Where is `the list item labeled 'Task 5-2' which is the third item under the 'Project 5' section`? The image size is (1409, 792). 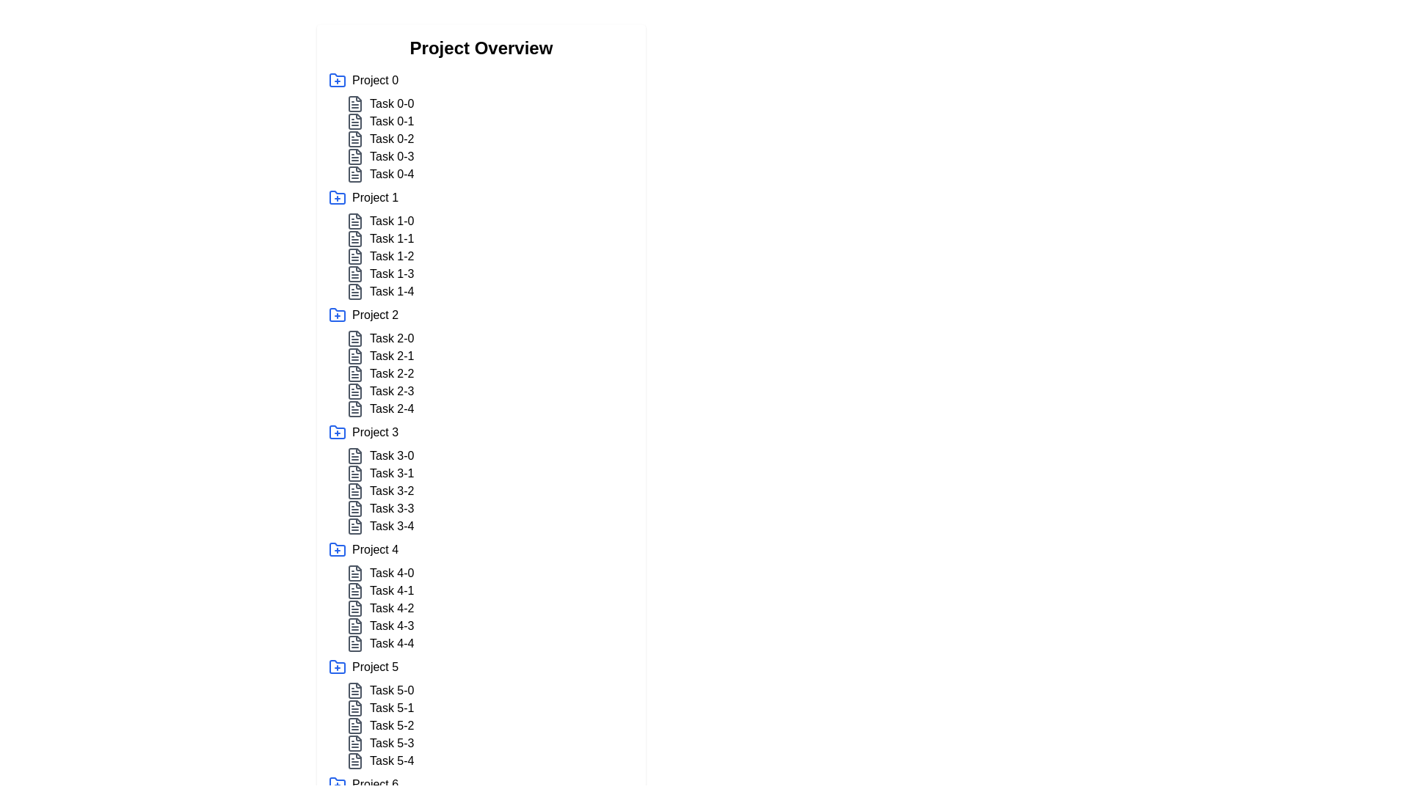 the list item labeled 'Task 5-2' which is the third item under the 'Project 5' section is located at coordinates (489, 726).